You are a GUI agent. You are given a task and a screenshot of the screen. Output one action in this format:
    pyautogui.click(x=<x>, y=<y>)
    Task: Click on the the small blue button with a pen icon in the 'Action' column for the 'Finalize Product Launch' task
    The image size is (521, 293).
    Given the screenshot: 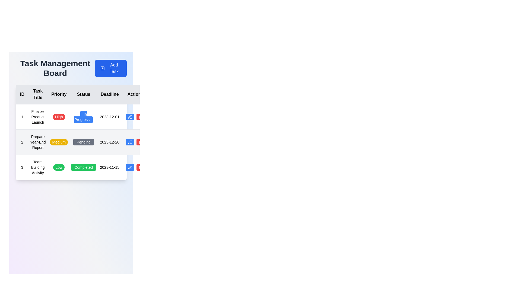 What is the action you would take?
    pyautogui.click(x=130, y=117)
    